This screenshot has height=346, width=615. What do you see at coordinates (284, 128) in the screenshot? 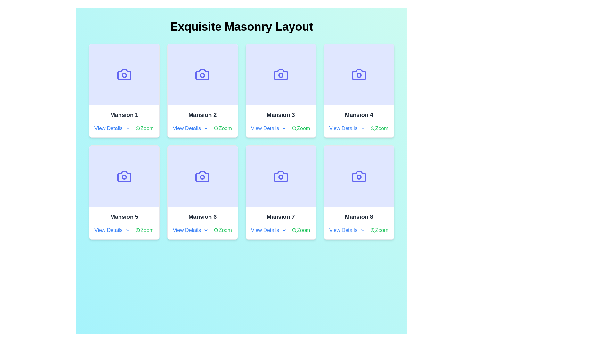
I see `the chevron icon located directly after the text 'View Details' in the third card from the left in the top row of the grid layout` at bounding box center [284, 128].